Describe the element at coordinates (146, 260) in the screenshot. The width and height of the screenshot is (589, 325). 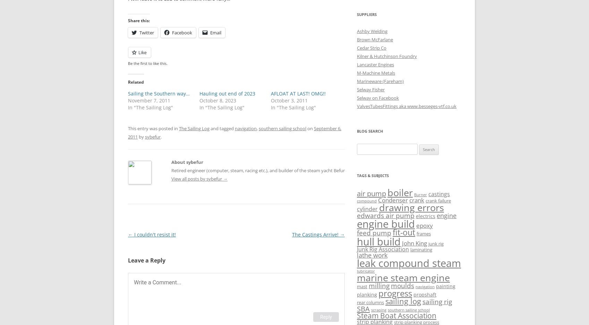
I see `'Leave a Reply'` at that location.